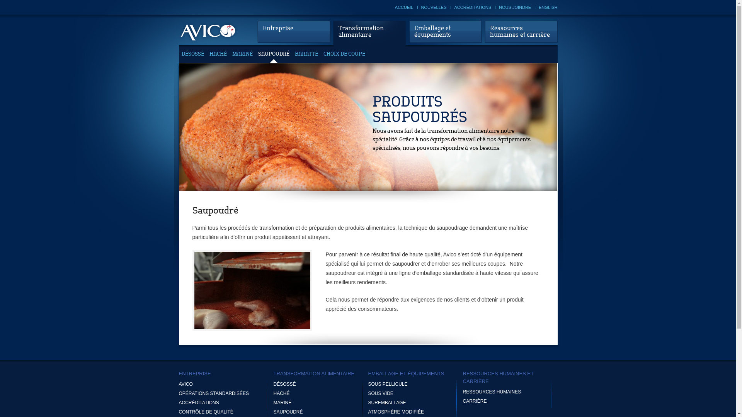 This screenshot has width=742, height=417. Describe the element at coordinates (178, 384) in the screenshot. I see `'AVICO'` at that location.